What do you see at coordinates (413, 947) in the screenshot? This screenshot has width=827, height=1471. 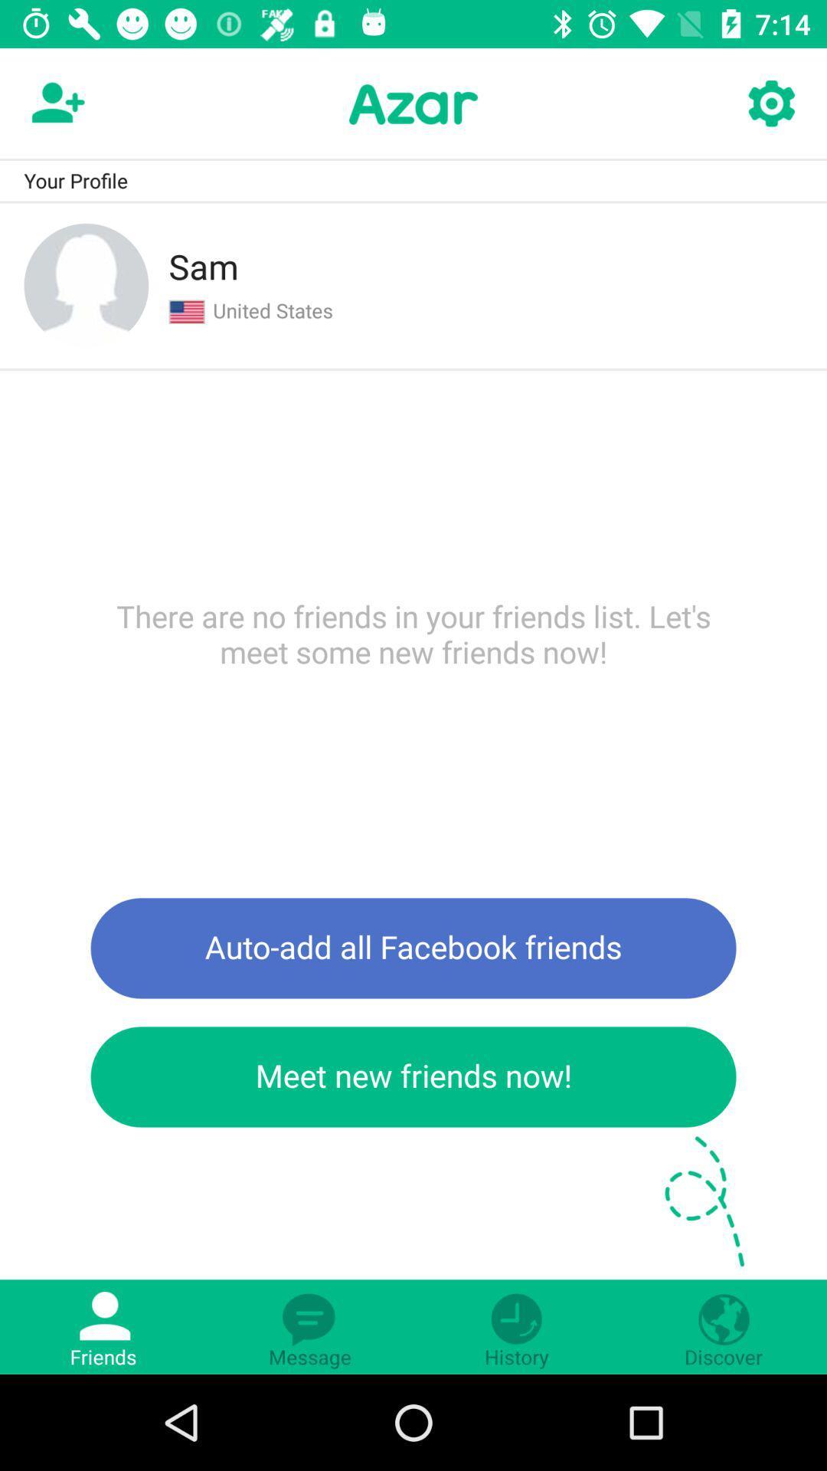 I see `item above the meet new friends item` at bounding box center [413, 947].